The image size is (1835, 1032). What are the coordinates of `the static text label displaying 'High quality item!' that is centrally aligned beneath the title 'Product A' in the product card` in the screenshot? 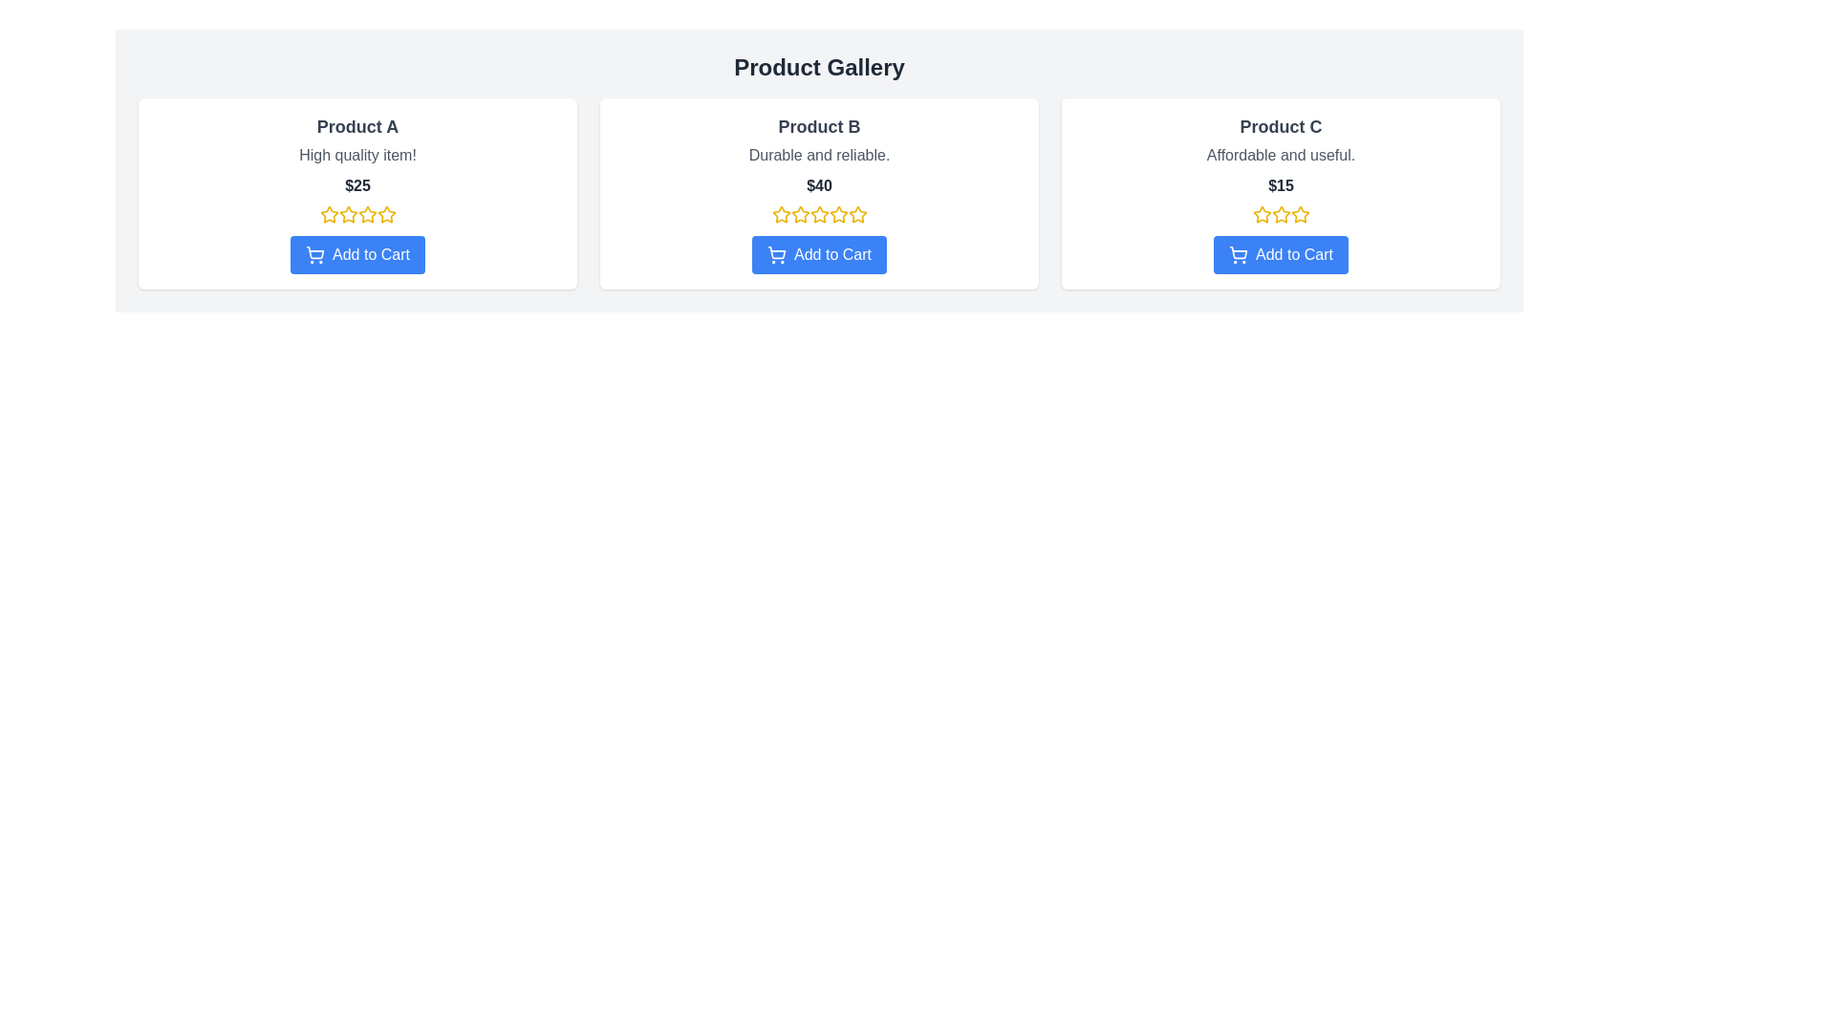 It's located at (357, 154).